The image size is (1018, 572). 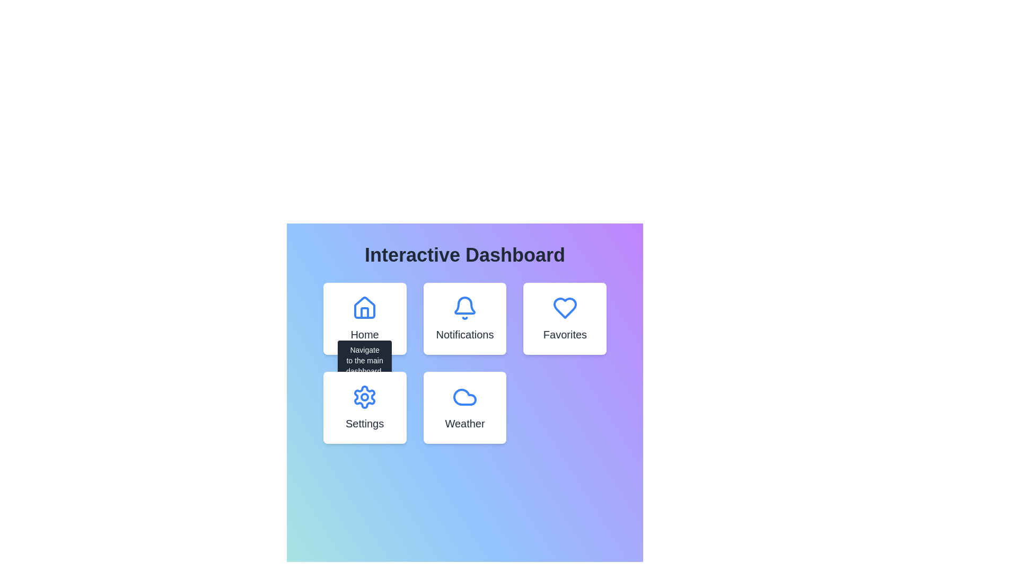 What do you see at coordinates (365, 335) in the screenshot?
I see `the text label that identifies the purpose of the associated button for navigating to the main dashboard, located below the house icon` at bounding box center [365, 335].